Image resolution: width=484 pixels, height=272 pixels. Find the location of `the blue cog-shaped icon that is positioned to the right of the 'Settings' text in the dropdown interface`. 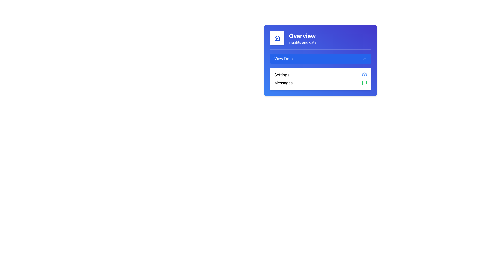

the blue cog-shaped icon that is positioned to the right of the 'Settings' text in the dropdown interface is located at coordinates (364, 75).